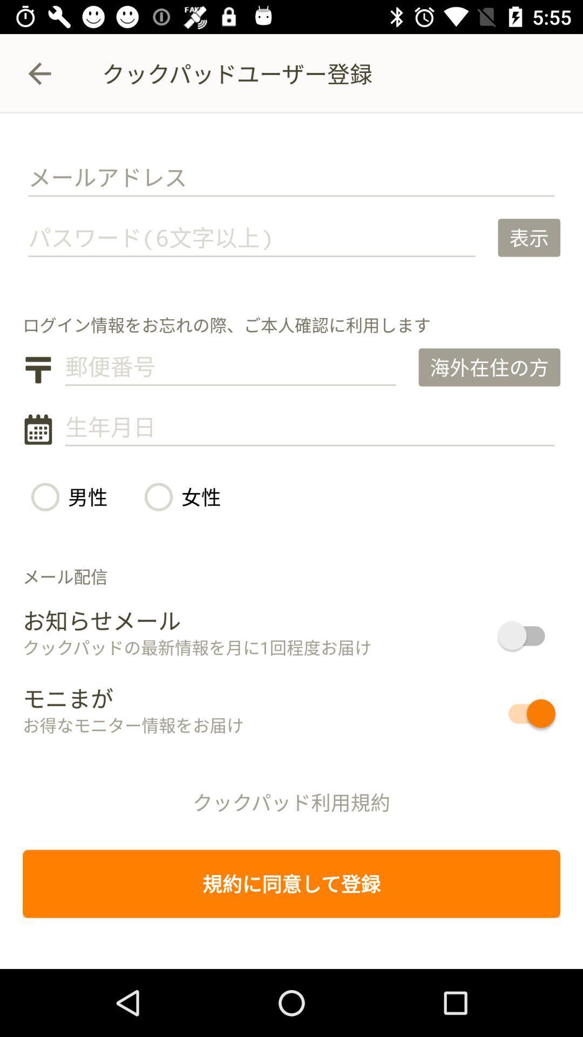  What do you see at coordinates (39, 73) in the screenshot?
I see `icon at the top left corner` at bounding box center [39, 73].